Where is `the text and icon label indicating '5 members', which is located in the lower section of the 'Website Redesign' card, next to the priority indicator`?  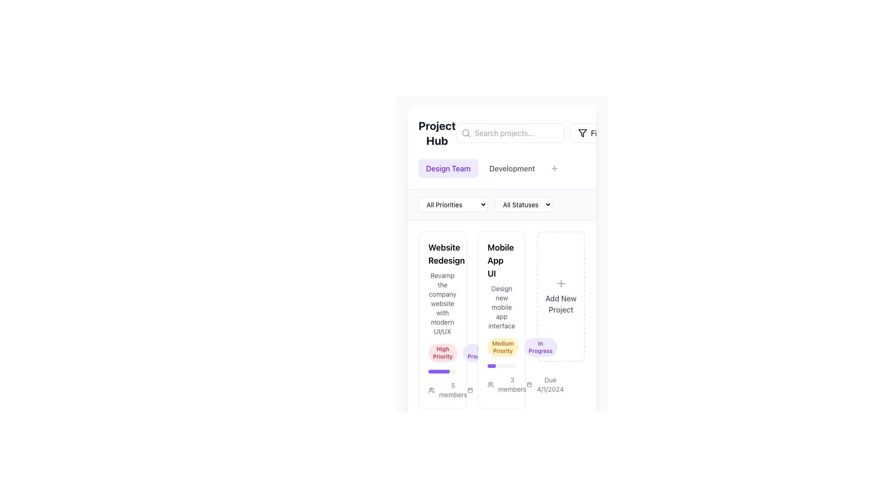
the text and icon label indicating '5 members', which is located in the lower section of the 'Website Redesign' card, next to the priority indicator is located at coordinates (448, 390).